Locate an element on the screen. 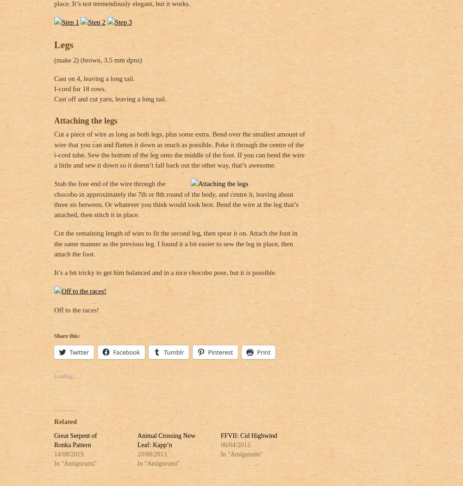 The height and width of the screenshot is (486, 463). '(make 2) (brown, 3.5 mm dpns)' is located at coordinates (97, 59).